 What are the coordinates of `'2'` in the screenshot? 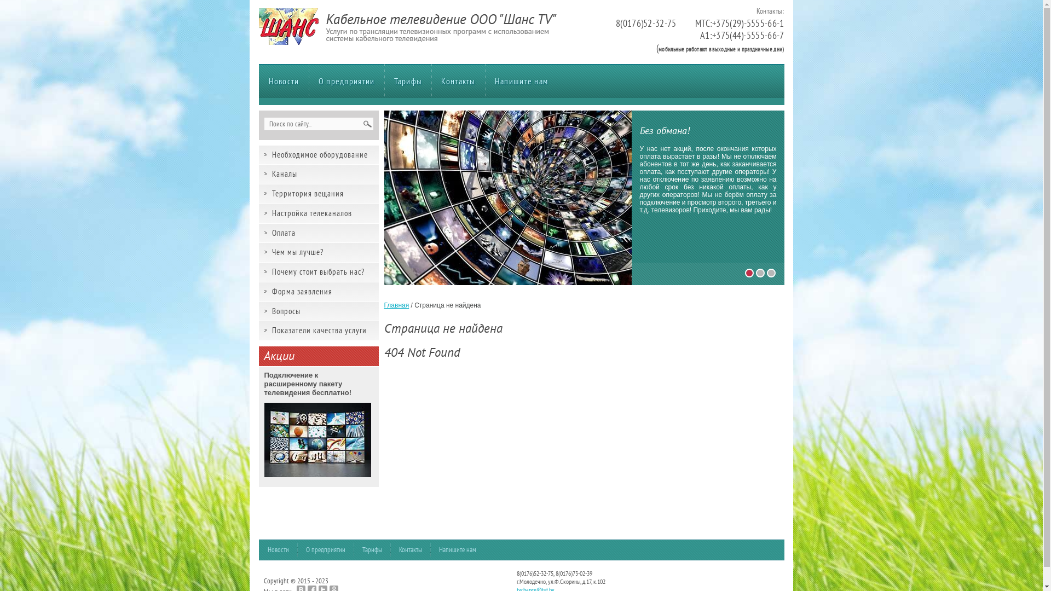 It's located at (759, 272).